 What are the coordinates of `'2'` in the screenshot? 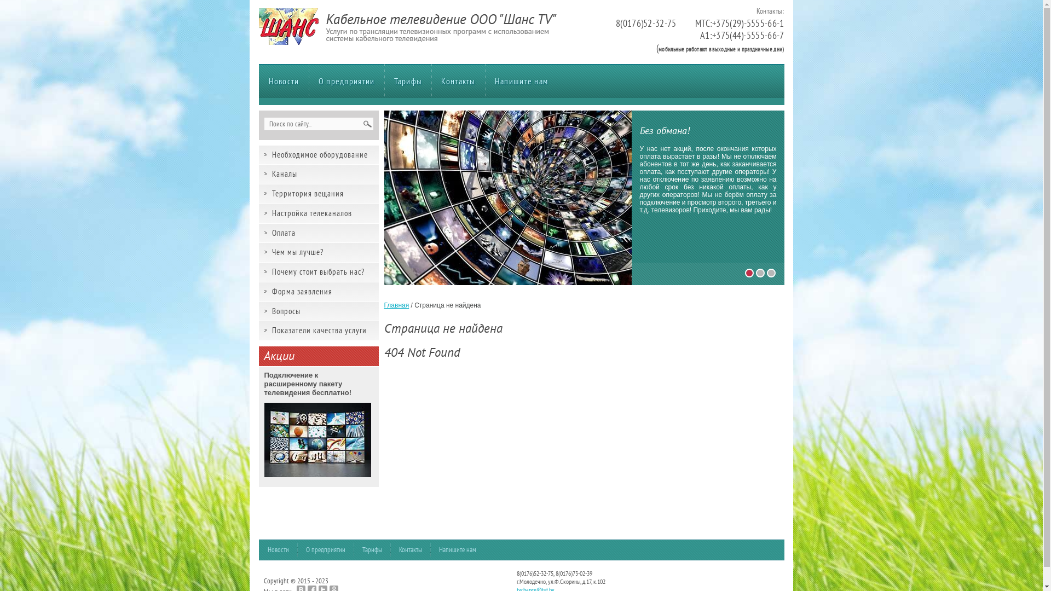 It's located at (759, 272).